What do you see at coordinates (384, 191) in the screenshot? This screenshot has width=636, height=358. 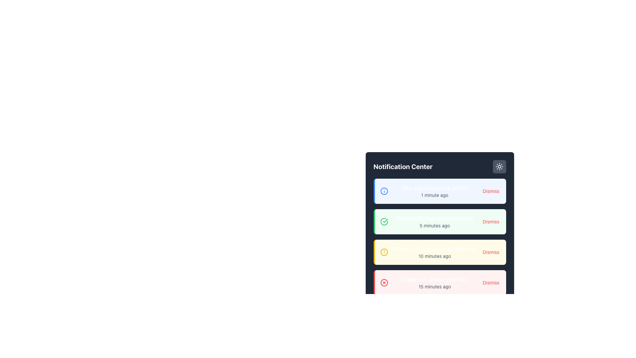 I see `the blue outline circle in the SVG notification center icon located at the top-right corner of the header bar` at bounding box center [384, 191].